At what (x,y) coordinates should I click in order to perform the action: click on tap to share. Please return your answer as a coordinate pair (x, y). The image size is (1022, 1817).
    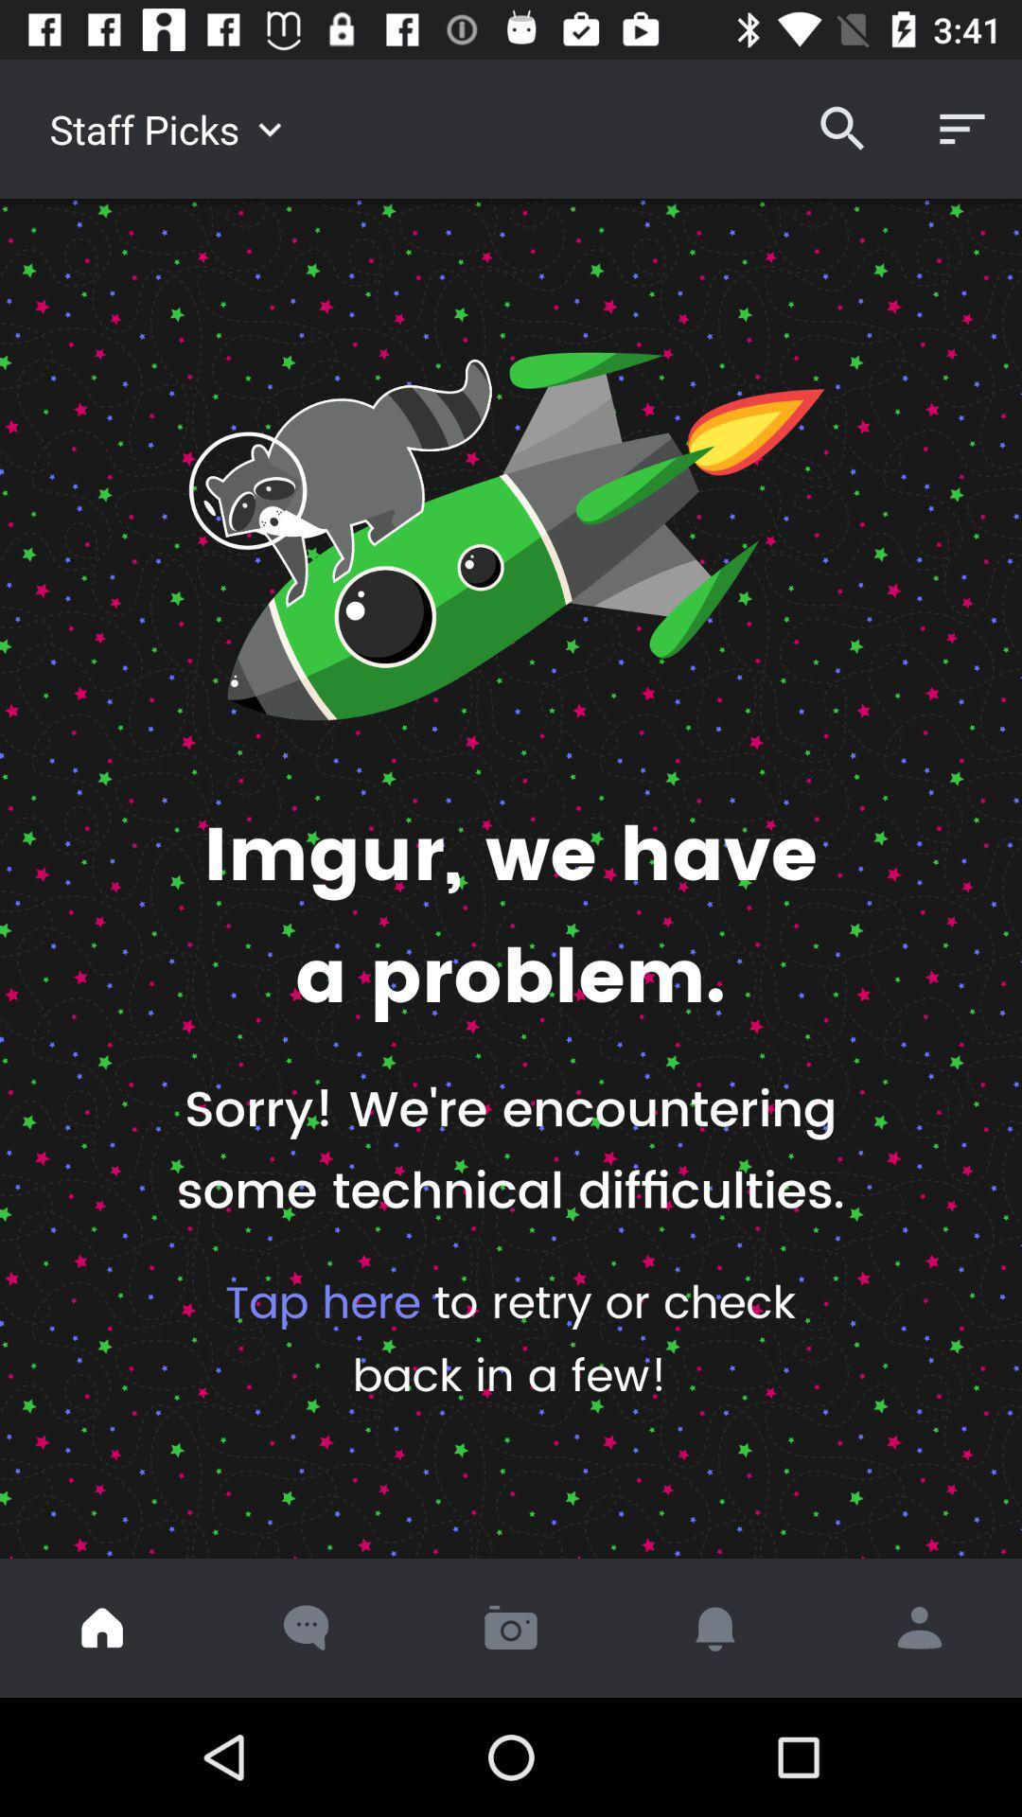
    Looking at the image, I should click on (919, 1627).